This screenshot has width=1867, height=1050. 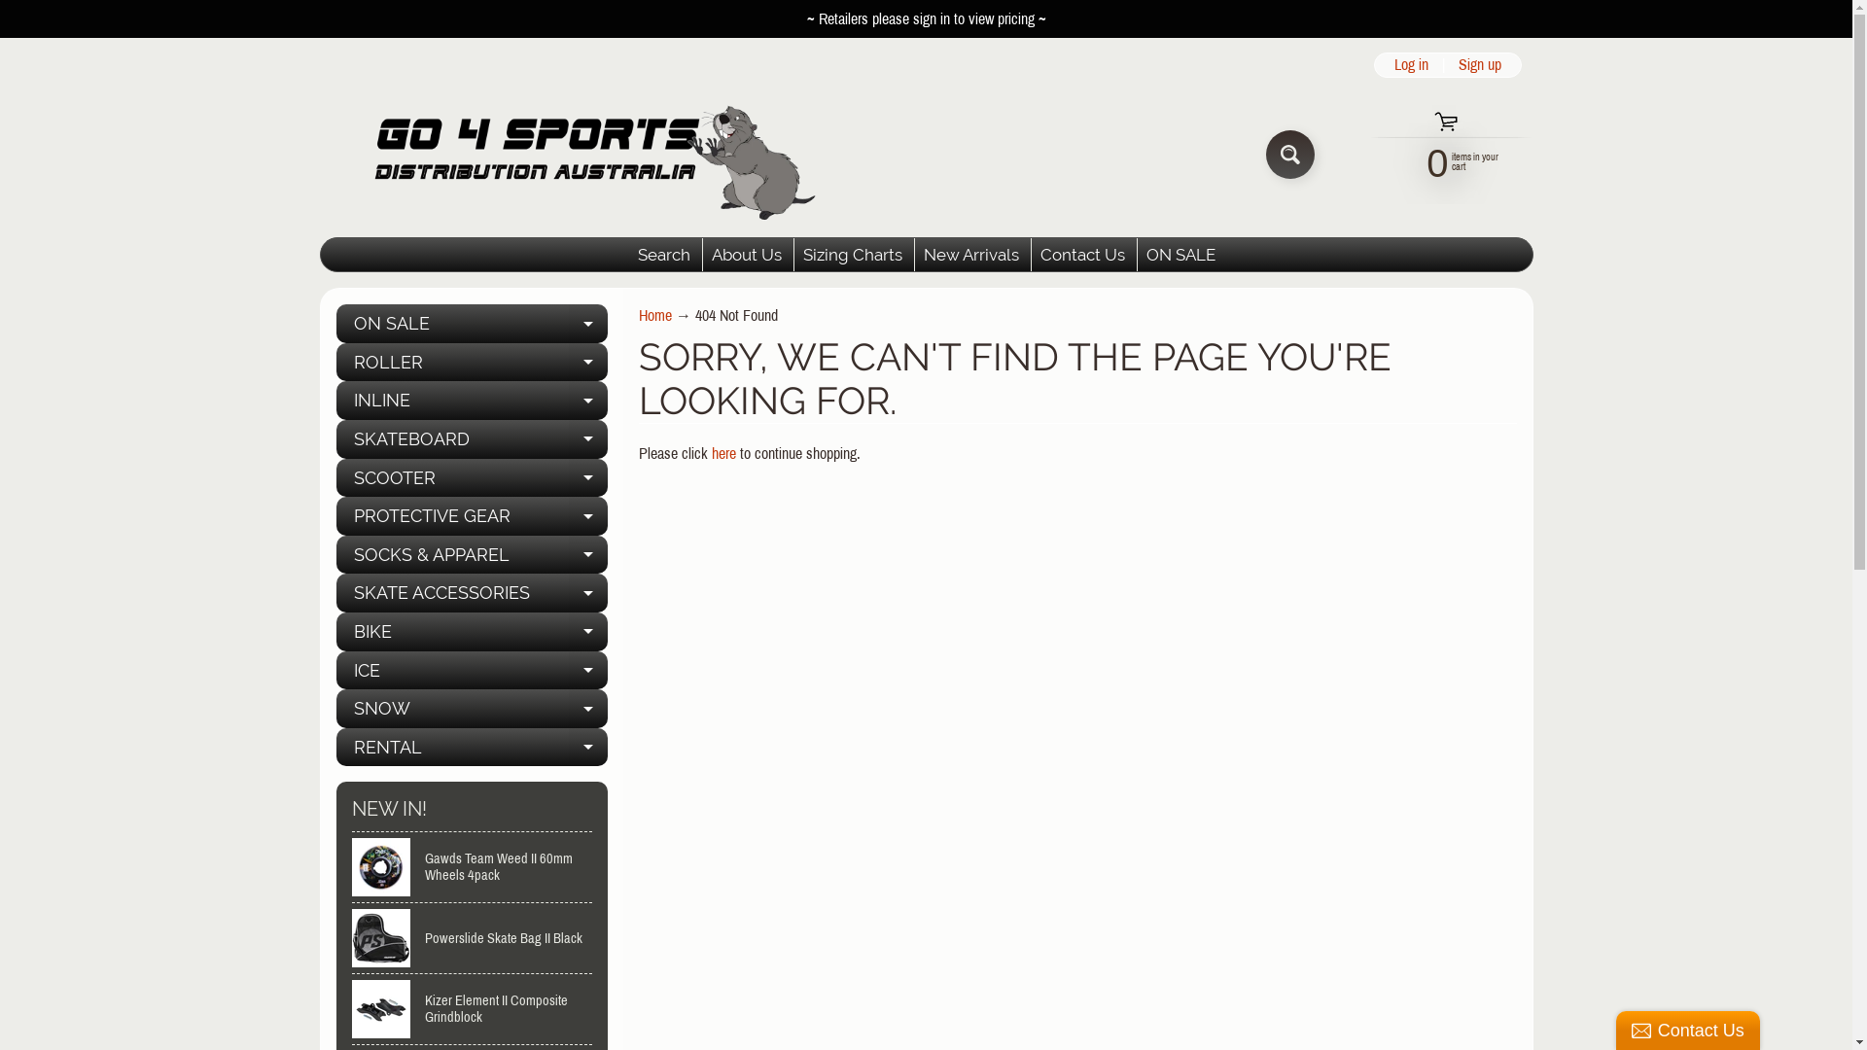 What do you see at coordinates (852, 254) in the screenshot?
I see `'Sizing Charts'` at bounding box center [852, 254].